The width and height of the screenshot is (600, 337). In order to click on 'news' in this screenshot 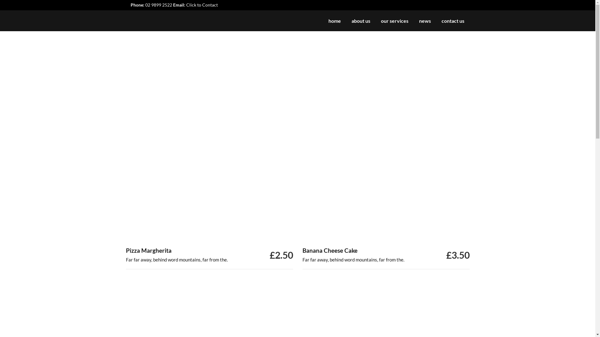, I will do `click(425, 20)`.